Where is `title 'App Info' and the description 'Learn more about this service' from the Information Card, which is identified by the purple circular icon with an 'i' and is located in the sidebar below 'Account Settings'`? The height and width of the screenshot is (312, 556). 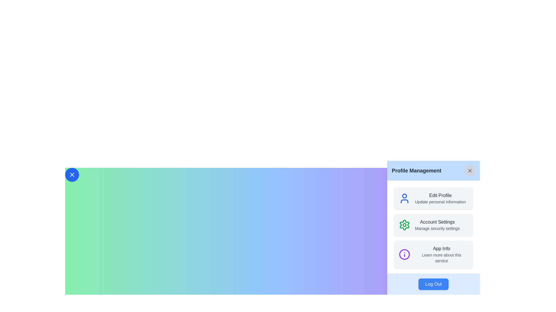
title 'App Info' and the description 'Learn more about this service' from the Information Card, which is identified by the purple circular icon with an 'i' and is located in the sidebar below 'Account Settings' is located at coordinates (434, 254).